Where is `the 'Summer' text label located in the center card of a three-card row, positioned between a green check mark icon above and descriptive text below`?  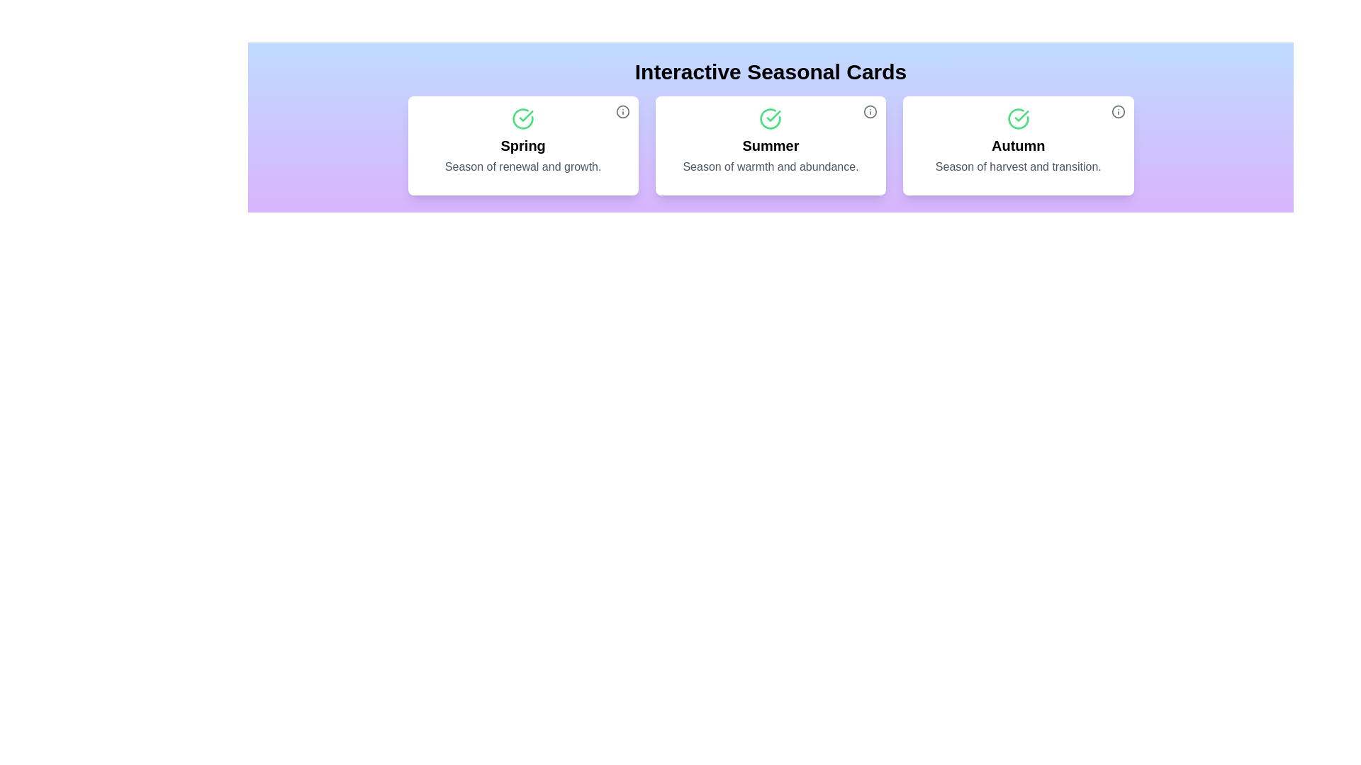
the 'Summer' text label located in the center card of a three-card row, positioned between a green check mark icon above and descriptive text below is located at coordinates (770, 145).